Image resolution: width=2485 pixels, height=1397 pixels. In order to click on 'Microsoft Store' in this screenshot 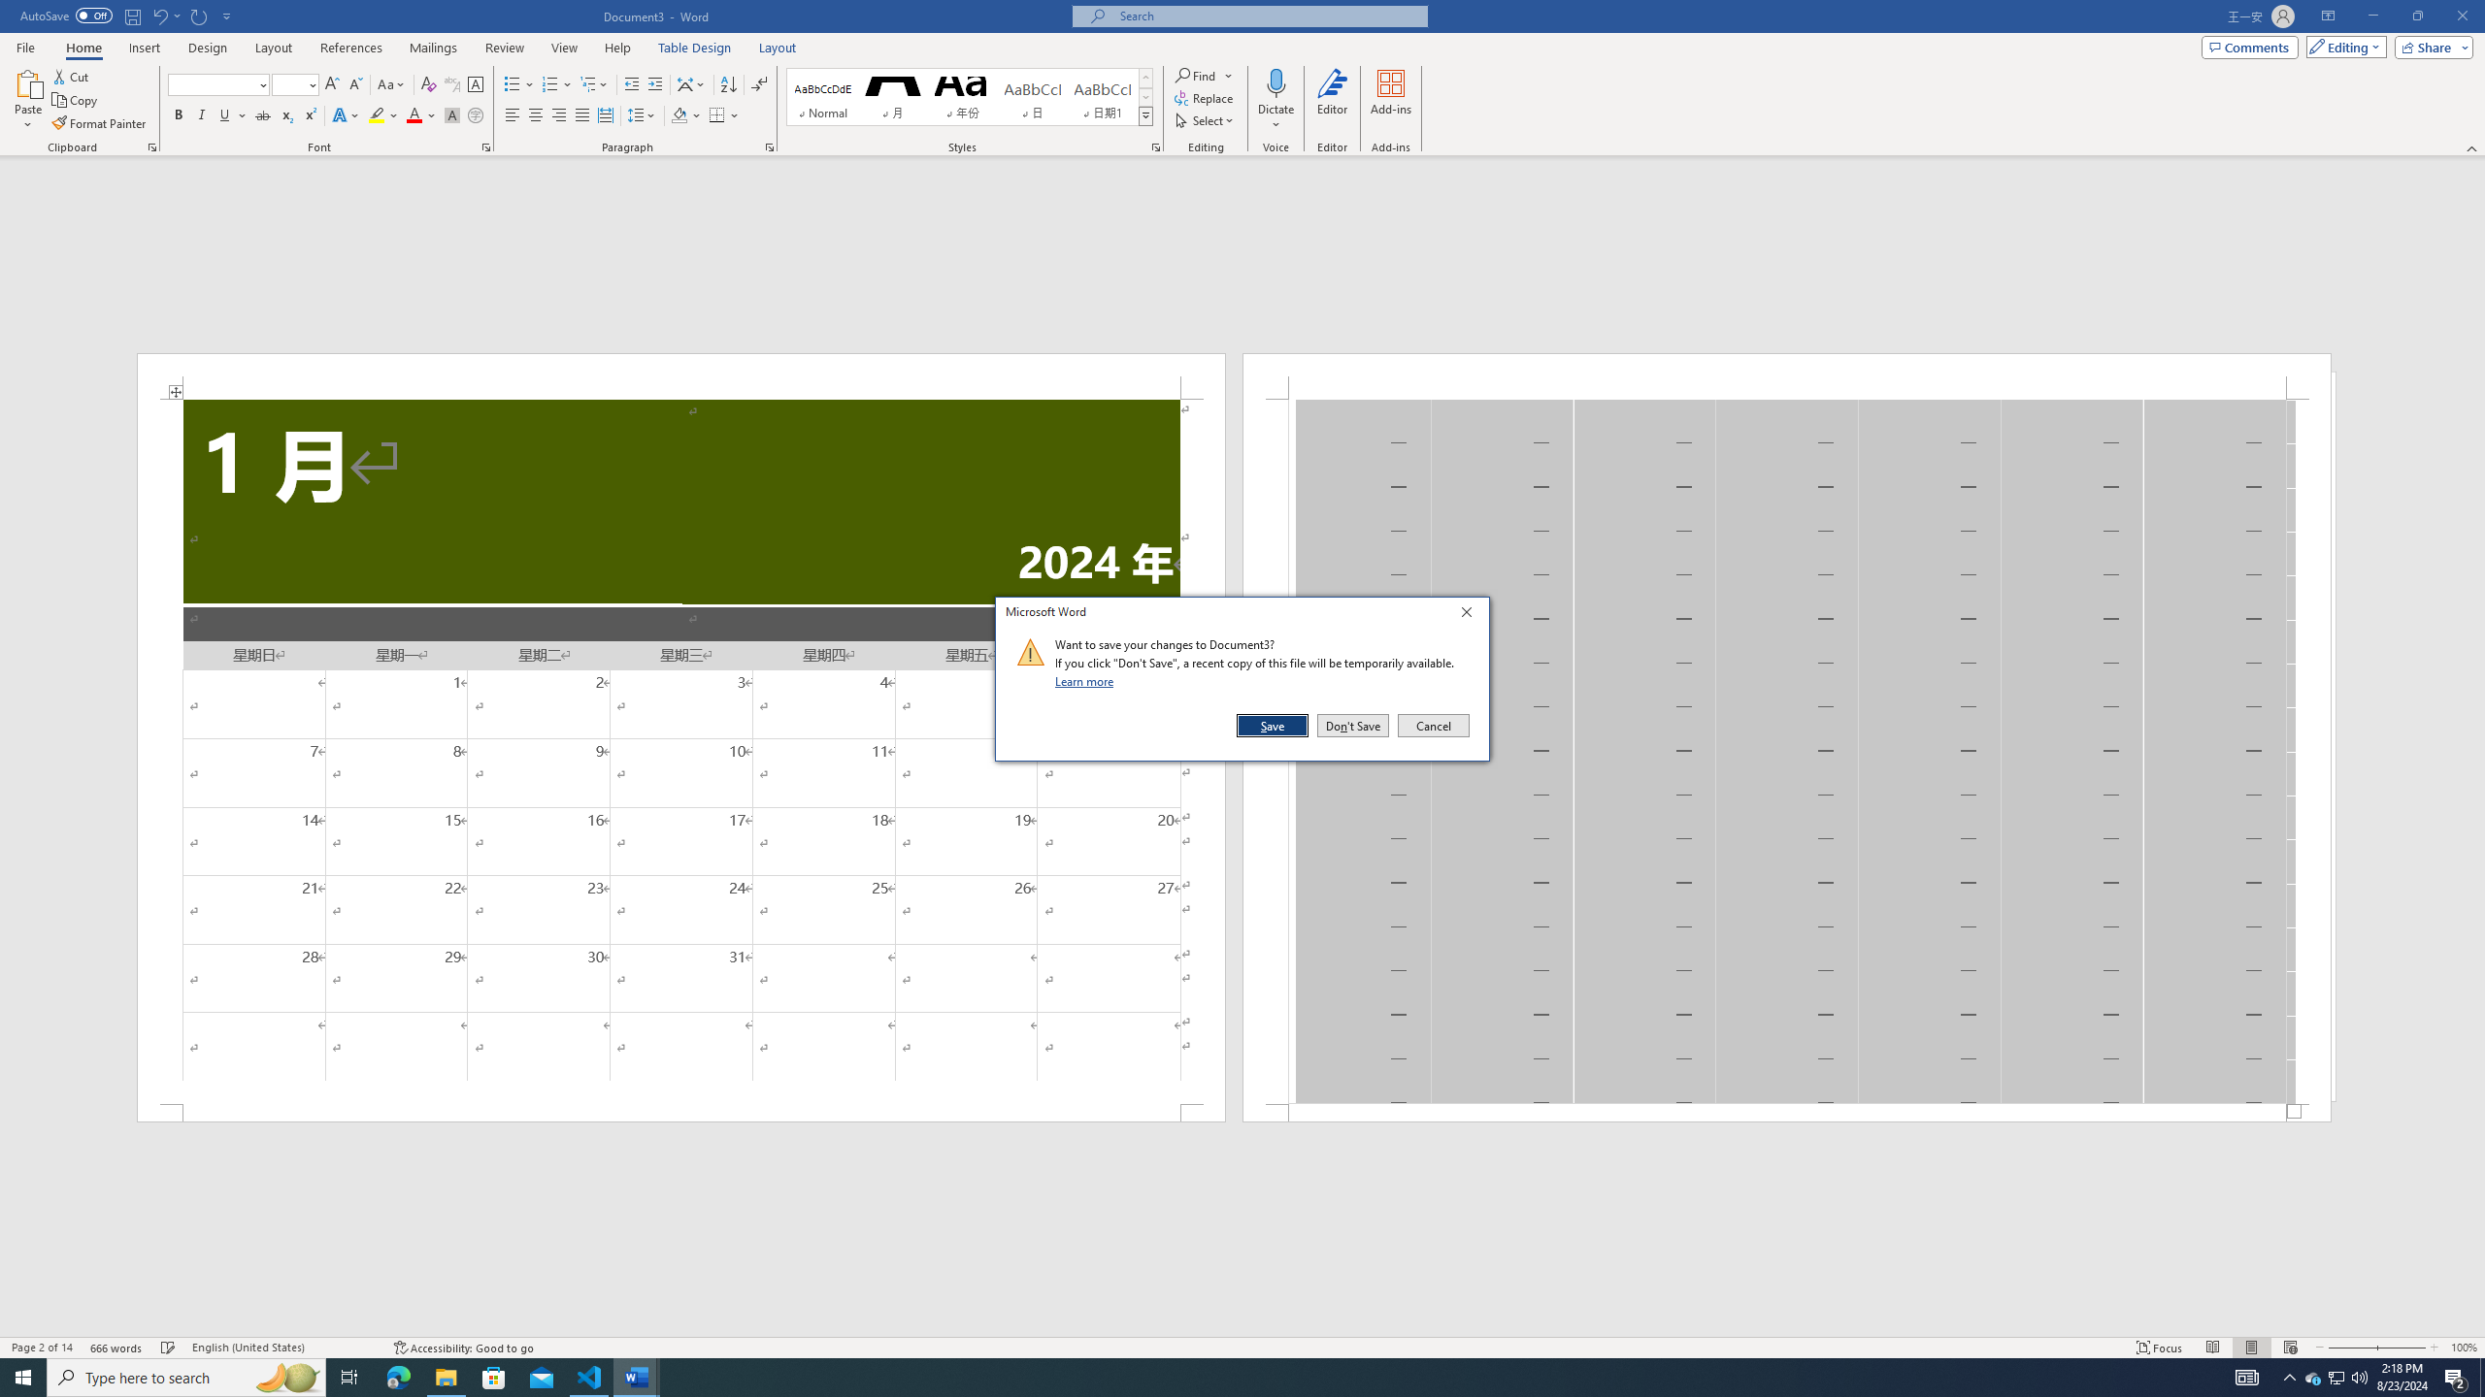, I will do `click(494, 1376)`.